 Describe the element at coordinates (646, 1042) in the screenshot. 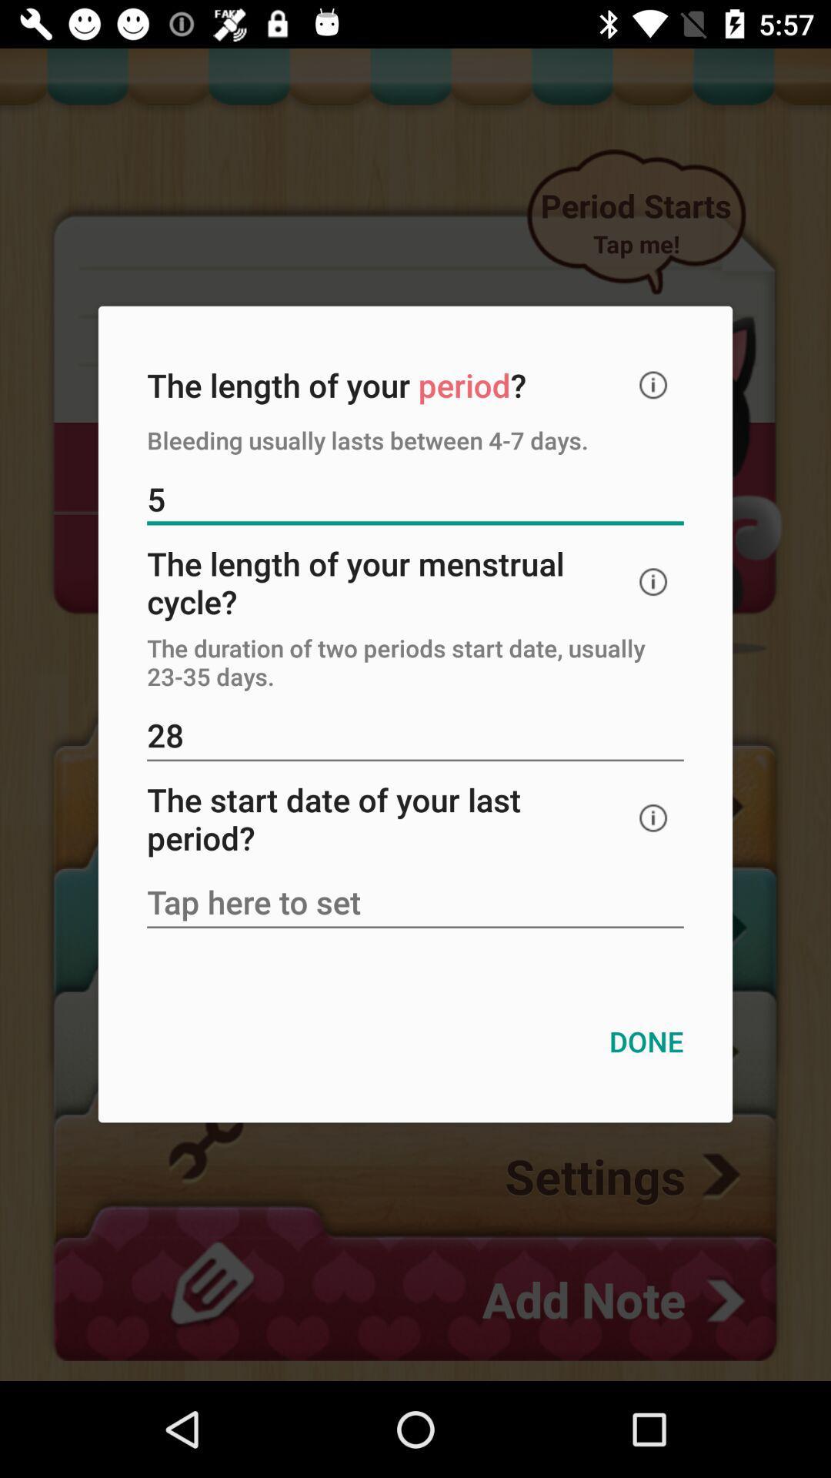

I see `done icon` at that location.